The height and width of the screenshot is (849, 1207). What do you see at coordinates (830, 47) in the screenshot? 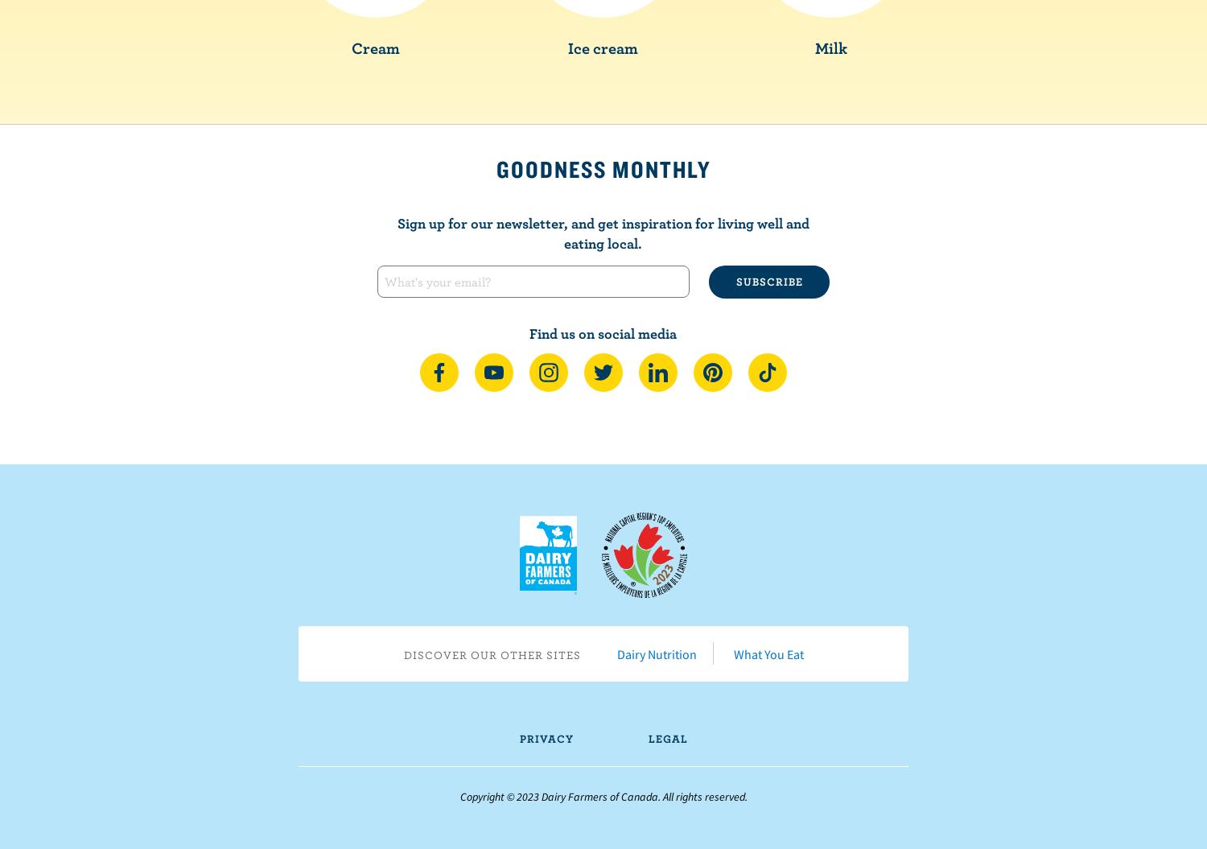
I see `'Milk'` at bounding box center [830, 47].